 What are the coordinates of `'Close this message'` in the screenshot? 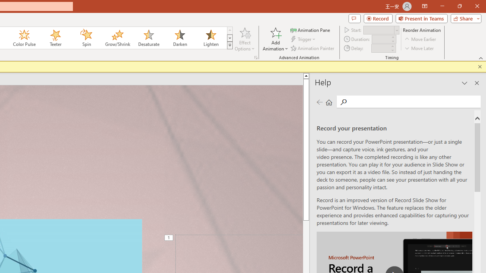 It's located at (480, 66).